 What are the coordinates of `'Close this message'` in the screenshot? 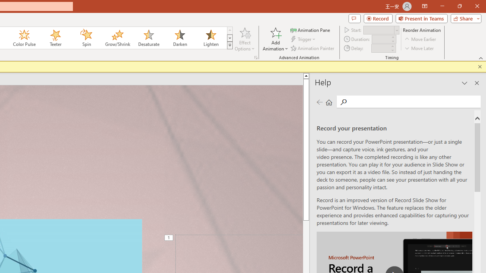 It's located at (480, 66).